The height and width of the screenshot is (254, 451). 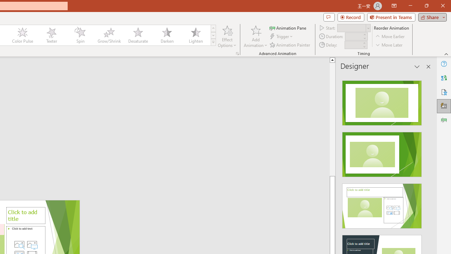 I want to click on 'Recommended Design: Design Idea', so click(x=382, y=101).